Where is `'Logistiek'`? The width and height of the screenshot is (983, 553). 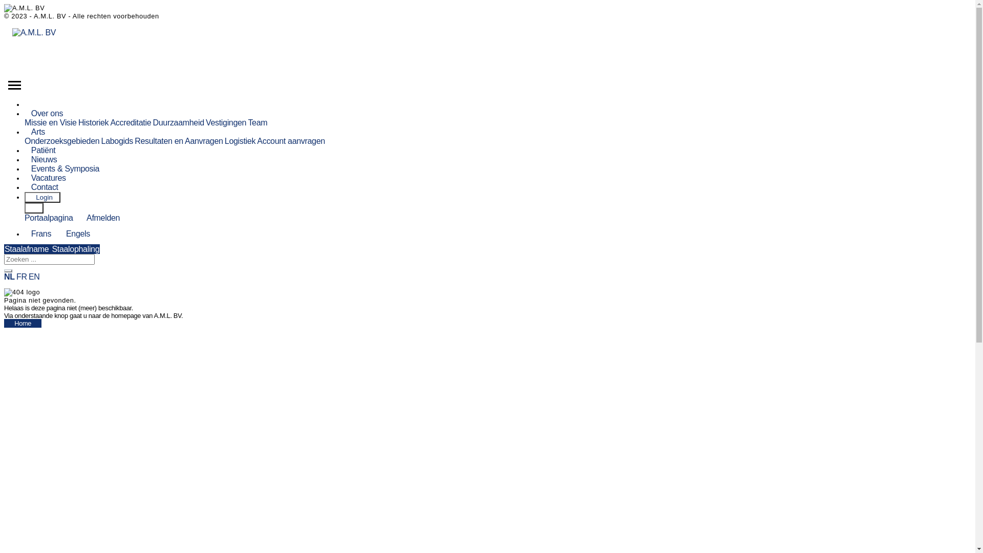 'Logistiek' is located at coordinates (240, 141).